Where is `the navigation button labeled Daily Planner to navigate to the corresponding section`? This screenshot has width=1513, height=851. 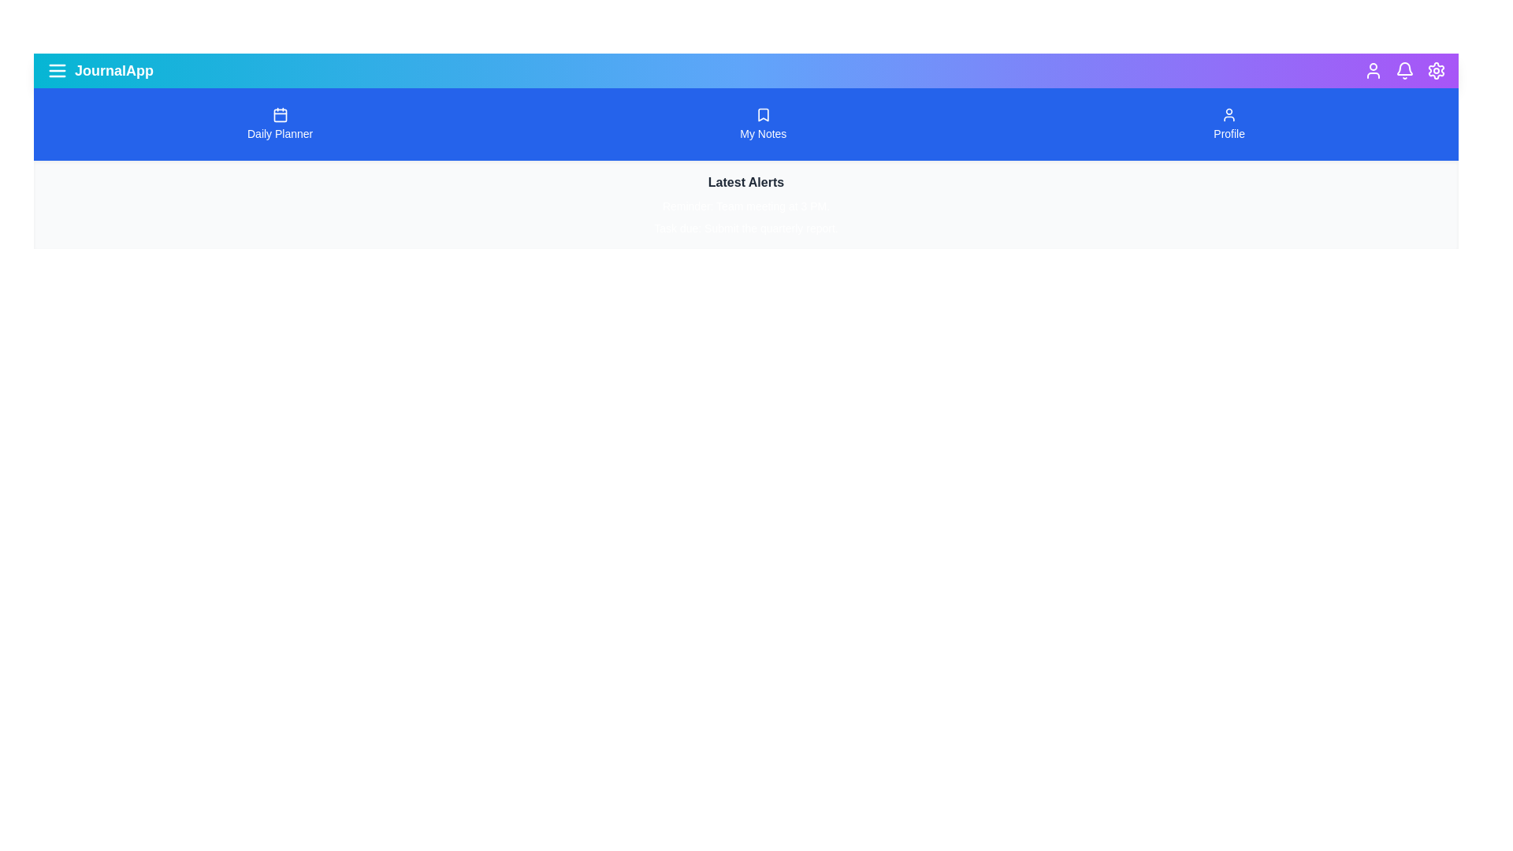
the navigation button labeled Daily Planner to navigate to the corresponding section is located at coordinates (280, 124).